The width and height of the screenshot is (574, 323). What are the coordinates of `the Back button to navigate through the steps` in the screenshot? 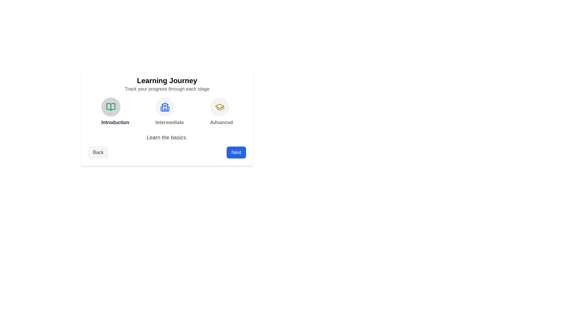 It's located at (98, 152).